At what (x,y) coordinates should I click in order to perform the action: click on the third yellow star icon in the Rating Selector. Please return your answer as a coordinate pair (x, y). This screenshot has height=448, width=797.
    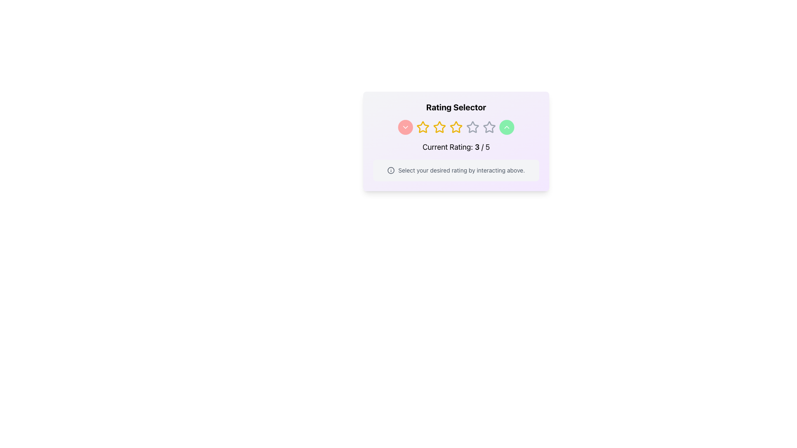
    Looking at the image, I should click on (439, 127).